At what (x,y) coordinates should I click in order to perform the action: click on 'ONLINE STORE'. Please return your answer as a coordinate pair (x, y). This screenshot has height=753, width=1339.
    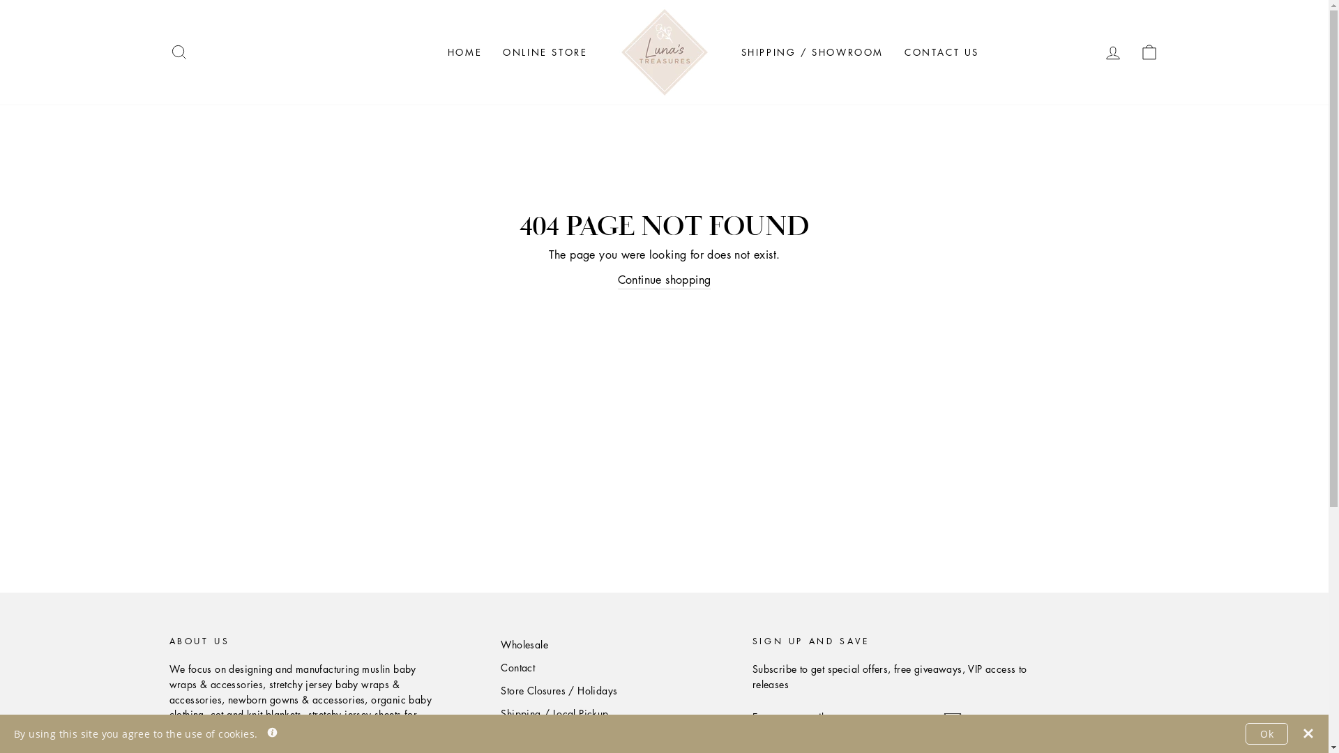
    Looking at the image, I should click on (544, 51).